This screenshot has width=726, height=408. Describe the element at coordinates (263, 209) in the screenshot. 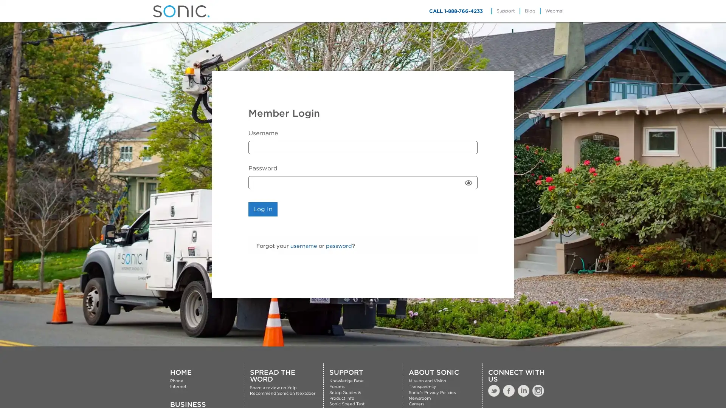

I see `Log In` at that location.